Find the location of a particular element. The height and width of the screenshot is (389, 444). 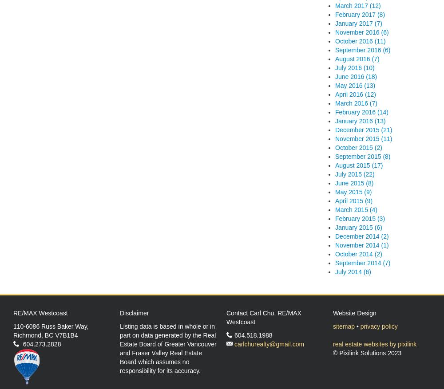

'October 2015 (2)' is located at coordinates (358, 147).